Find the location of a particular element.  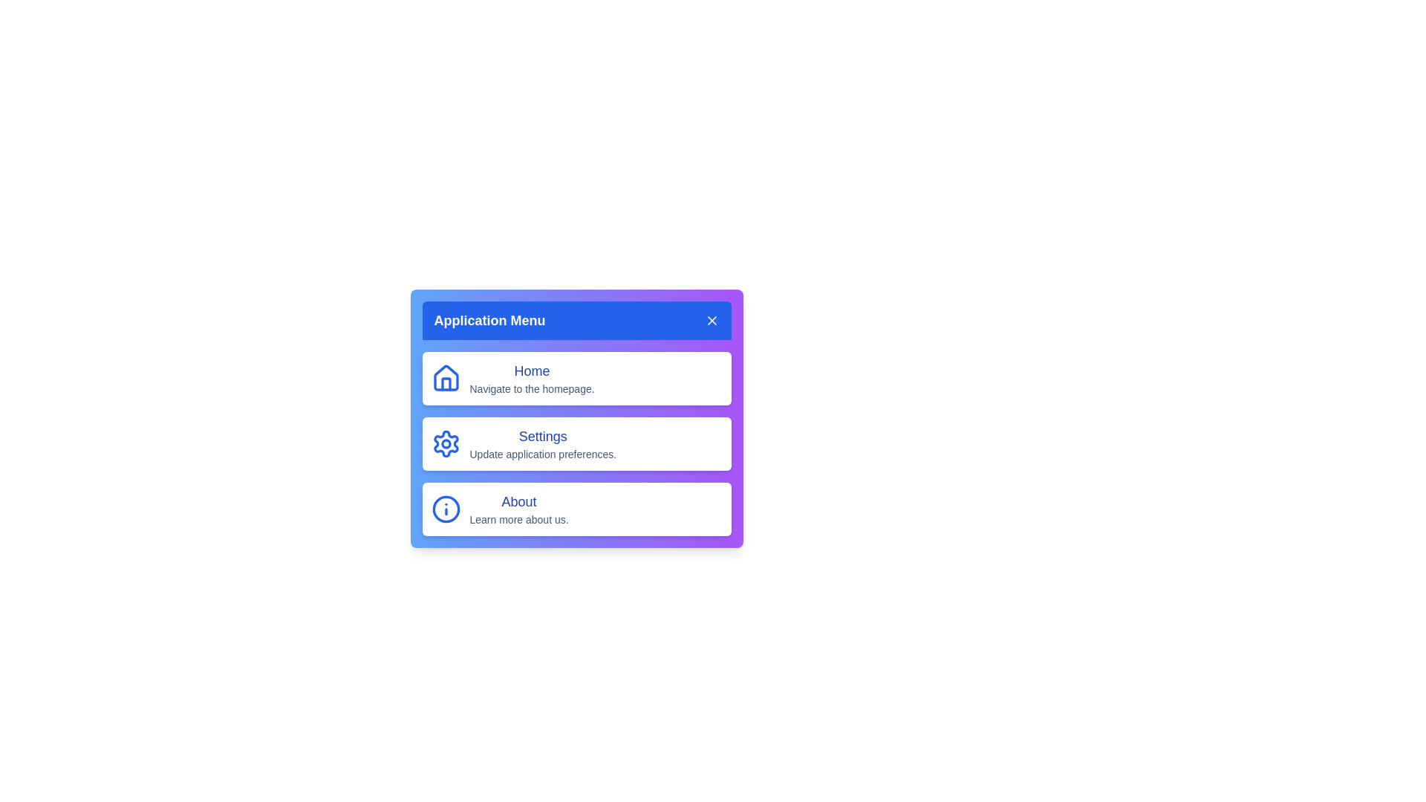

the description of the About menu item is located at coordinates (519, 518).